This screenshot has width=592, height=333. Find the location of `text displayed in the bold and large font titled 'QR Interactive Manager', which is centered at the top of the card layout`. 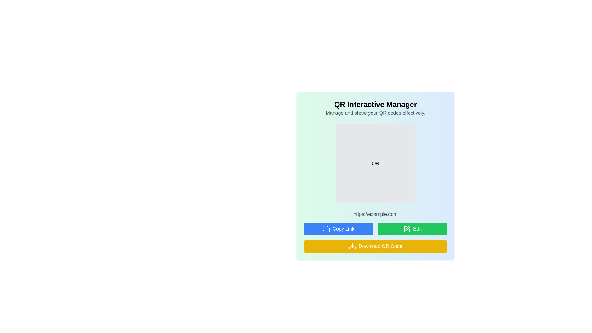

text displayed in the bold and large font titled 'QR Interactive Manager', which is centered at the top of the card layout is located at coordinates (375, 104).